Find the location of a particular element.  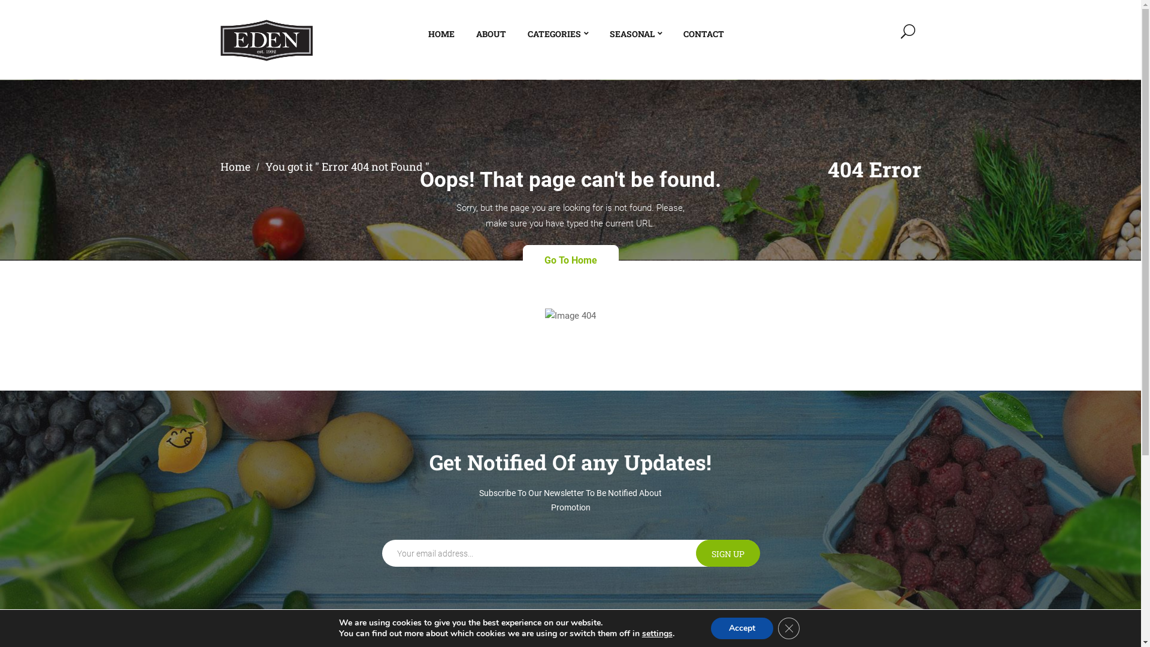

'CONTACT' is located at coordinates (683, 34).